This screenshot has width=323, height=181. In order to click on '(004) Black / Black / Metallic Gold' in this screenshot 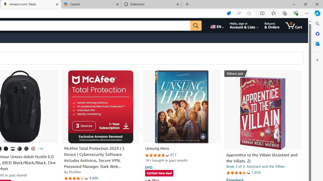, I will do `click(20, 148)`.